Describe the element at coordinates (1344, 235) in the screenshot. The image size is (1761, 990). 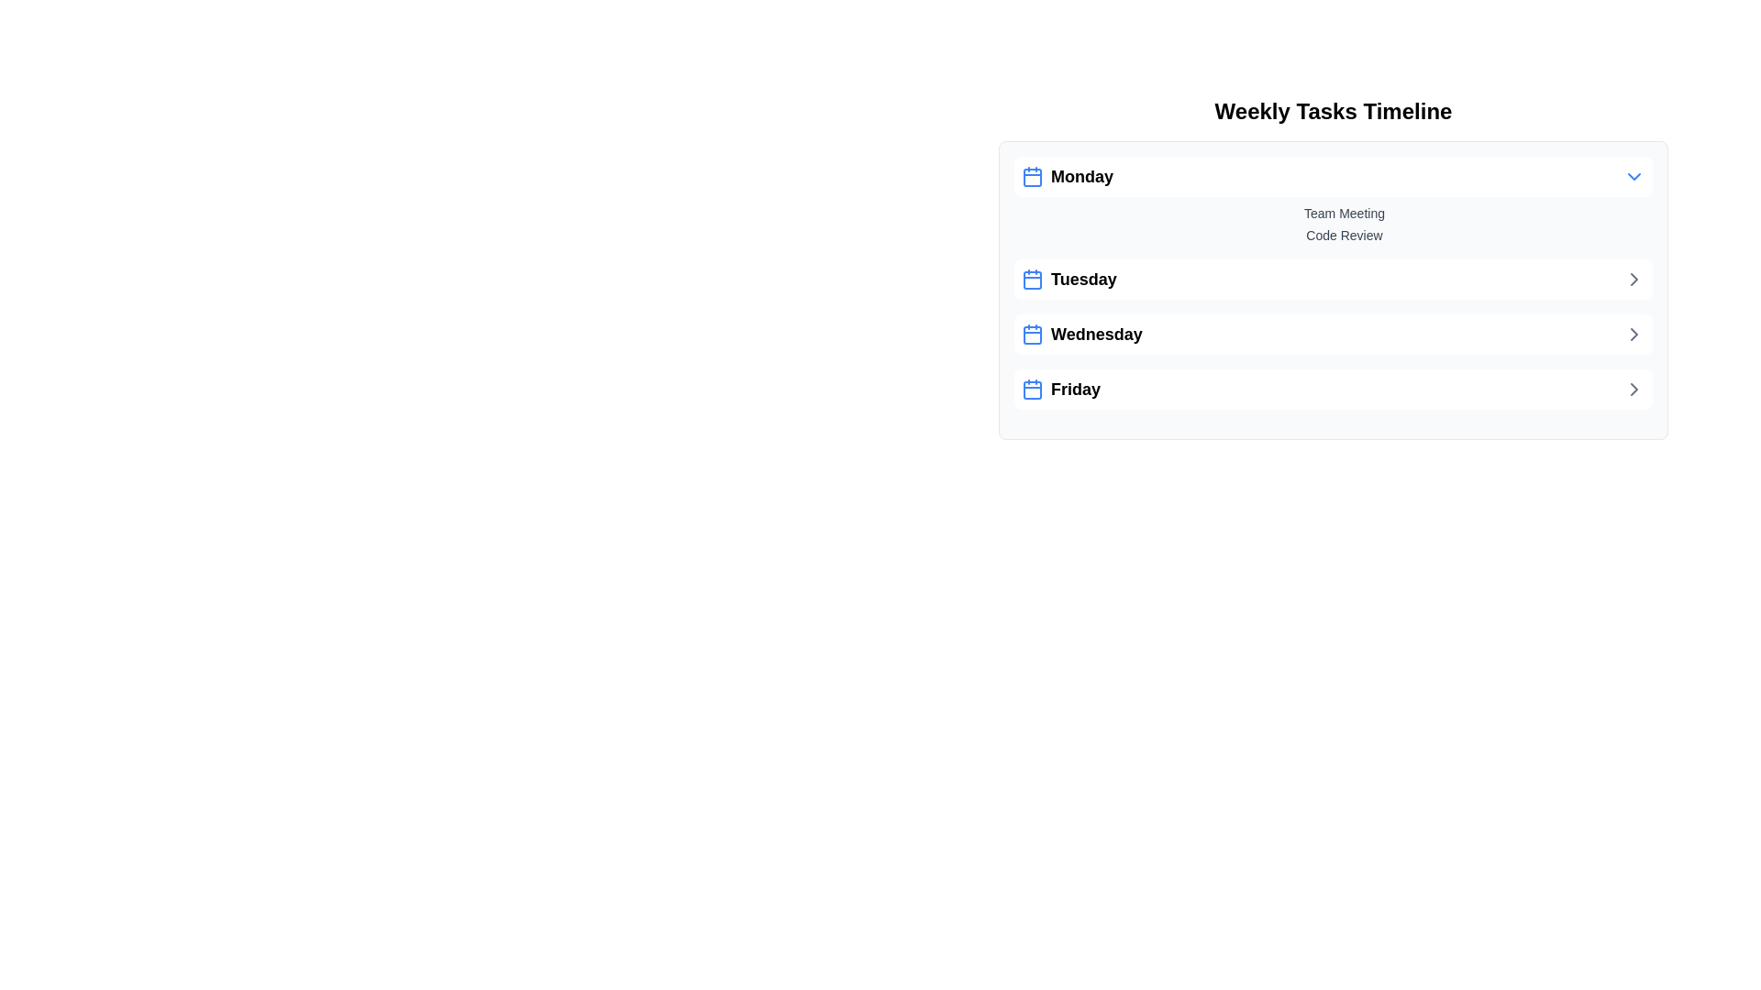
I see `text label saying 'Code Review' that is styled in a small, muted gray font, located beneath 'Team Meeting' in the Monday section of the Weekly Tasks Timeline` at that location.